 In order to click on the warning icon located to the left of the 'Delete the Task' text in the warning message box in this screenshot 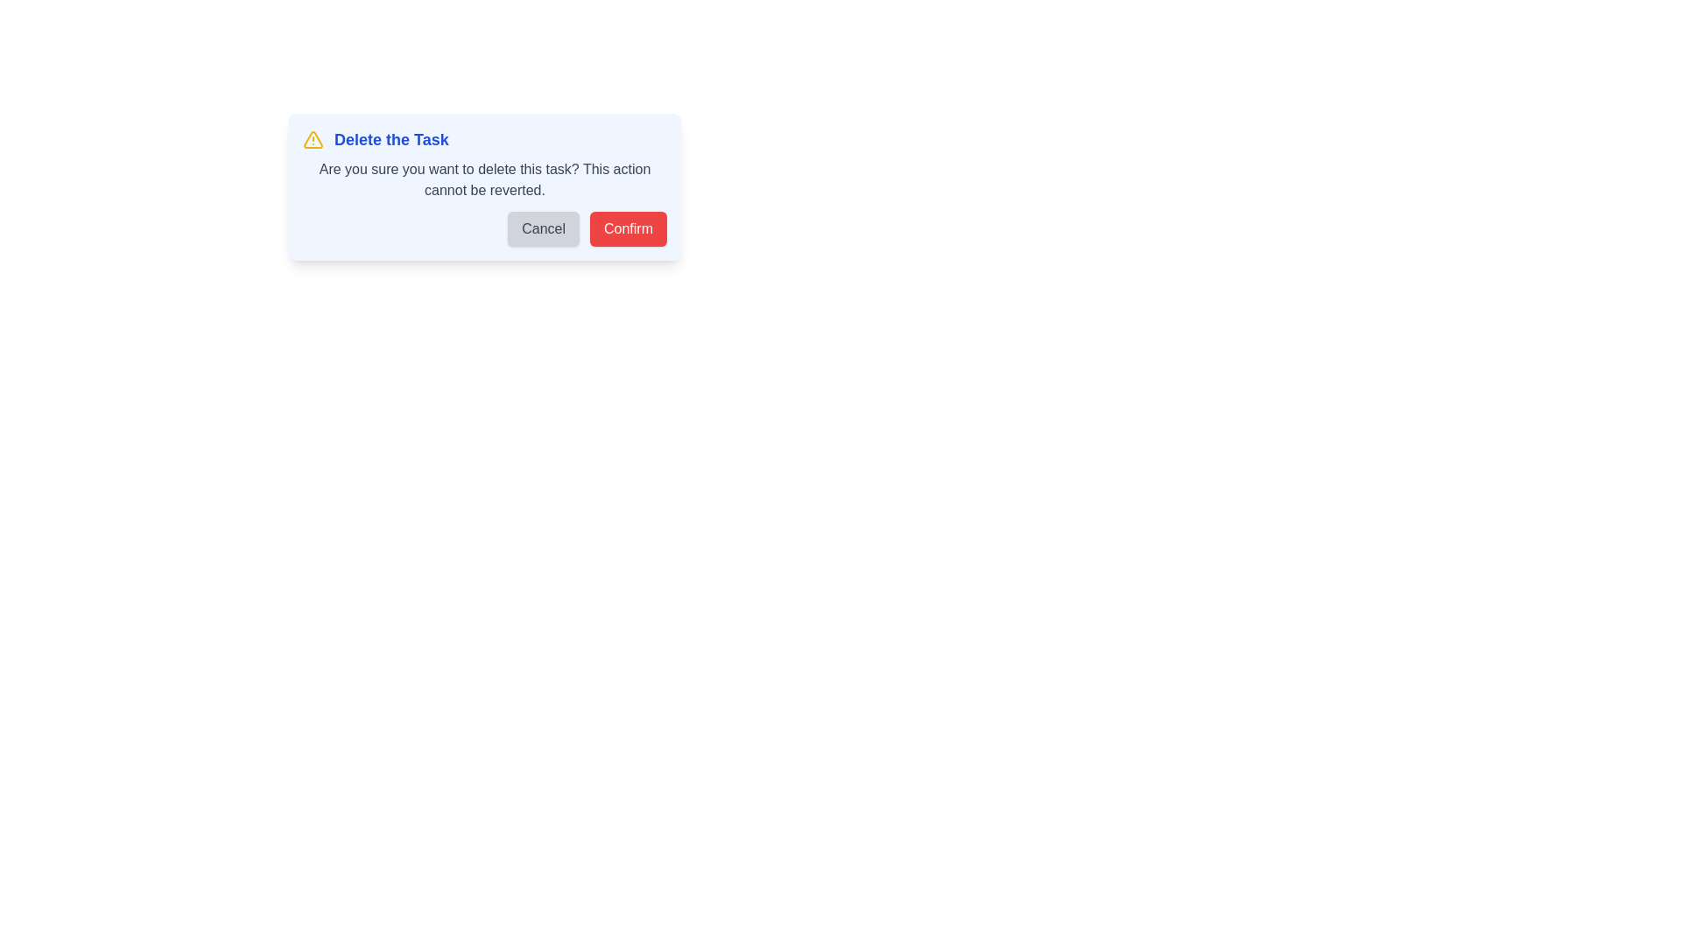, I will do `click(313, 138)`.